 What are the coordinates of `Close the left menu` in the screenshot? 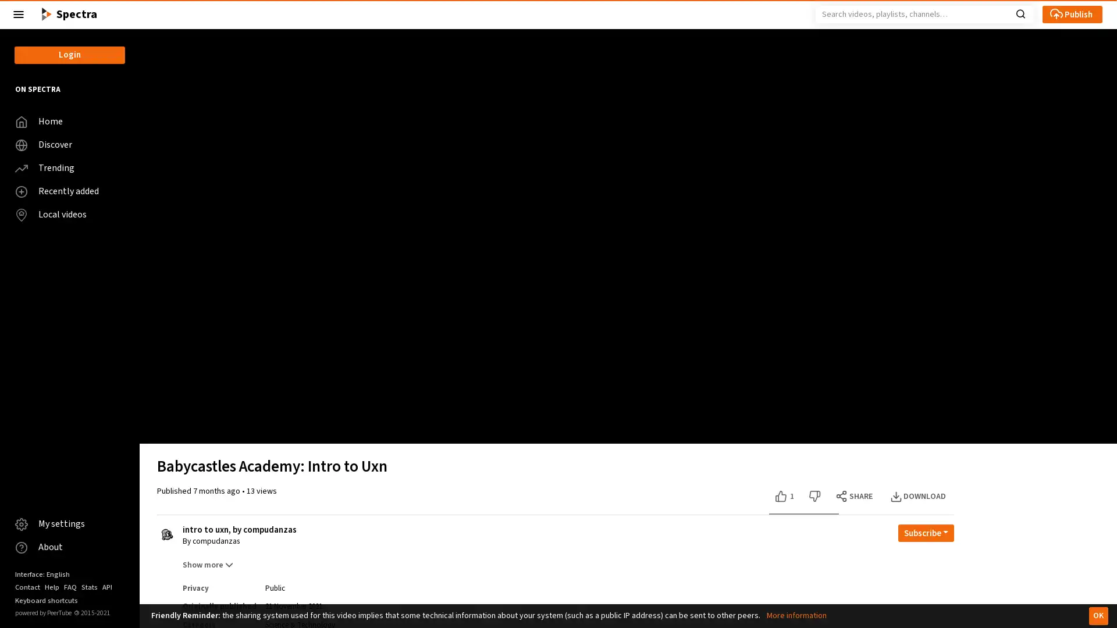 It's located at (19, 14).